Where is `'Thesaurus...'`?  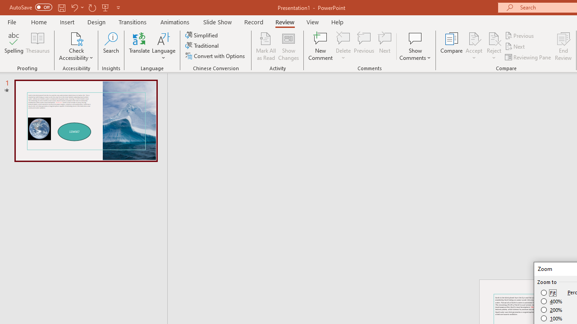 'Thesaurus...' is located at coordinates (37, 46).